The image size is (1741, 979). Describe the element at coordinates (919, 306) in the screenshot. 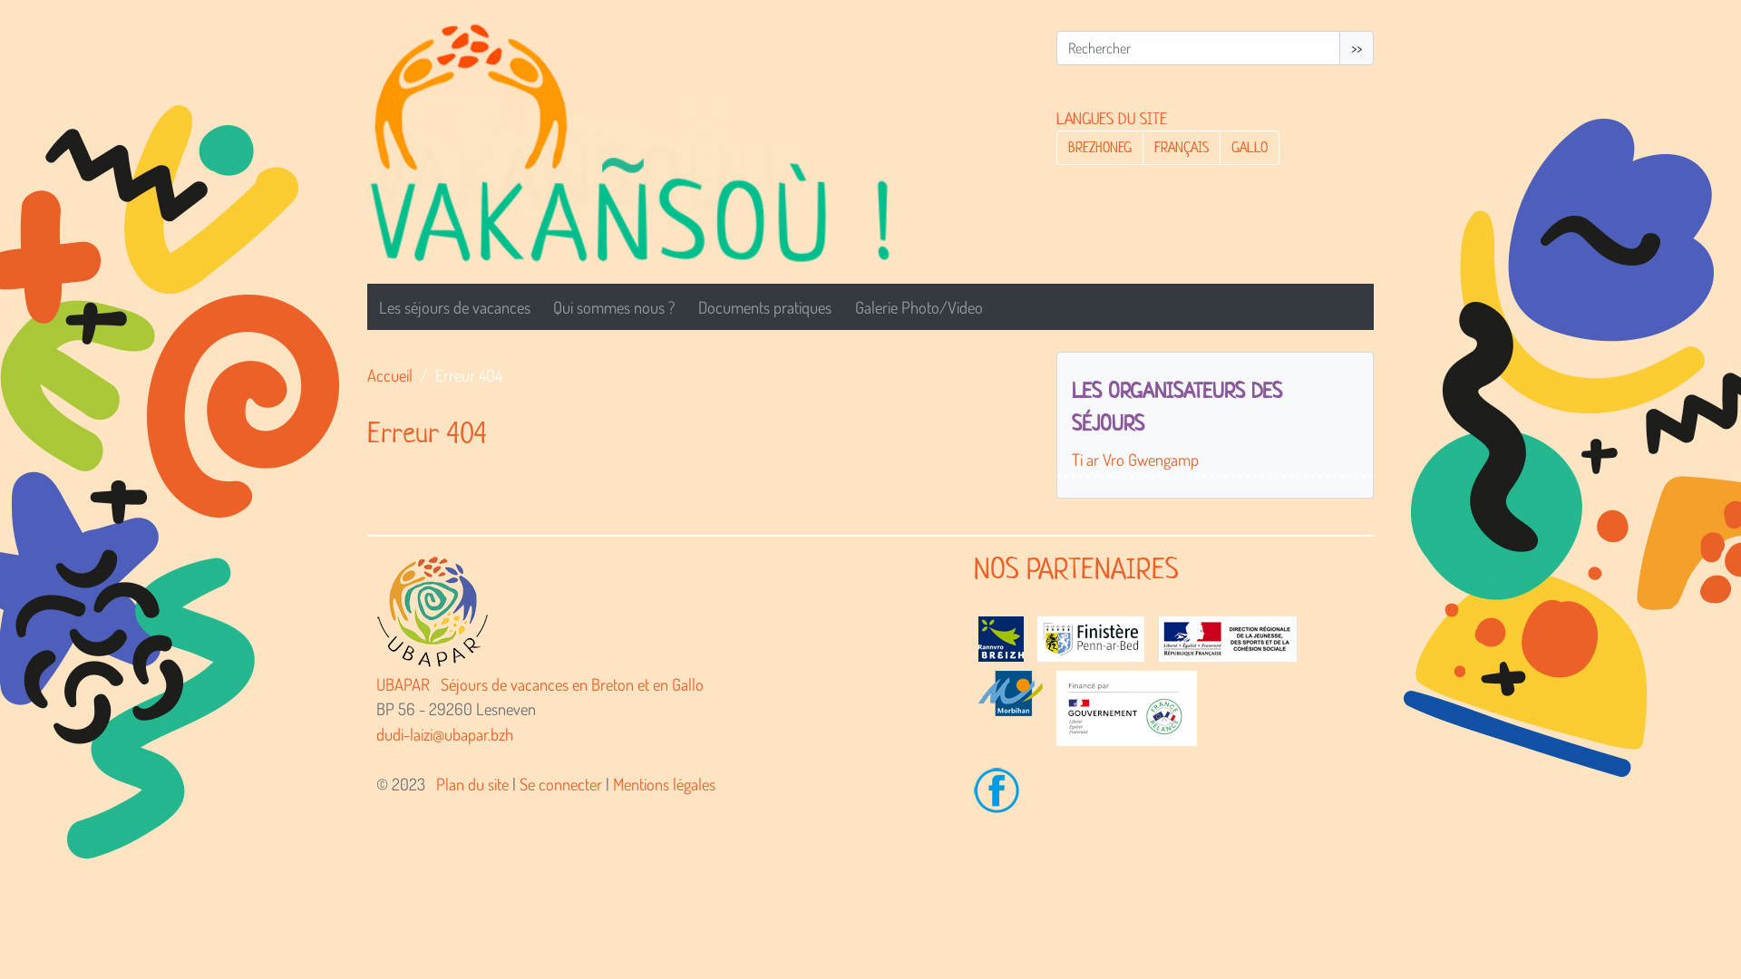

I see `'Galerie Photo/Video'` at that location.